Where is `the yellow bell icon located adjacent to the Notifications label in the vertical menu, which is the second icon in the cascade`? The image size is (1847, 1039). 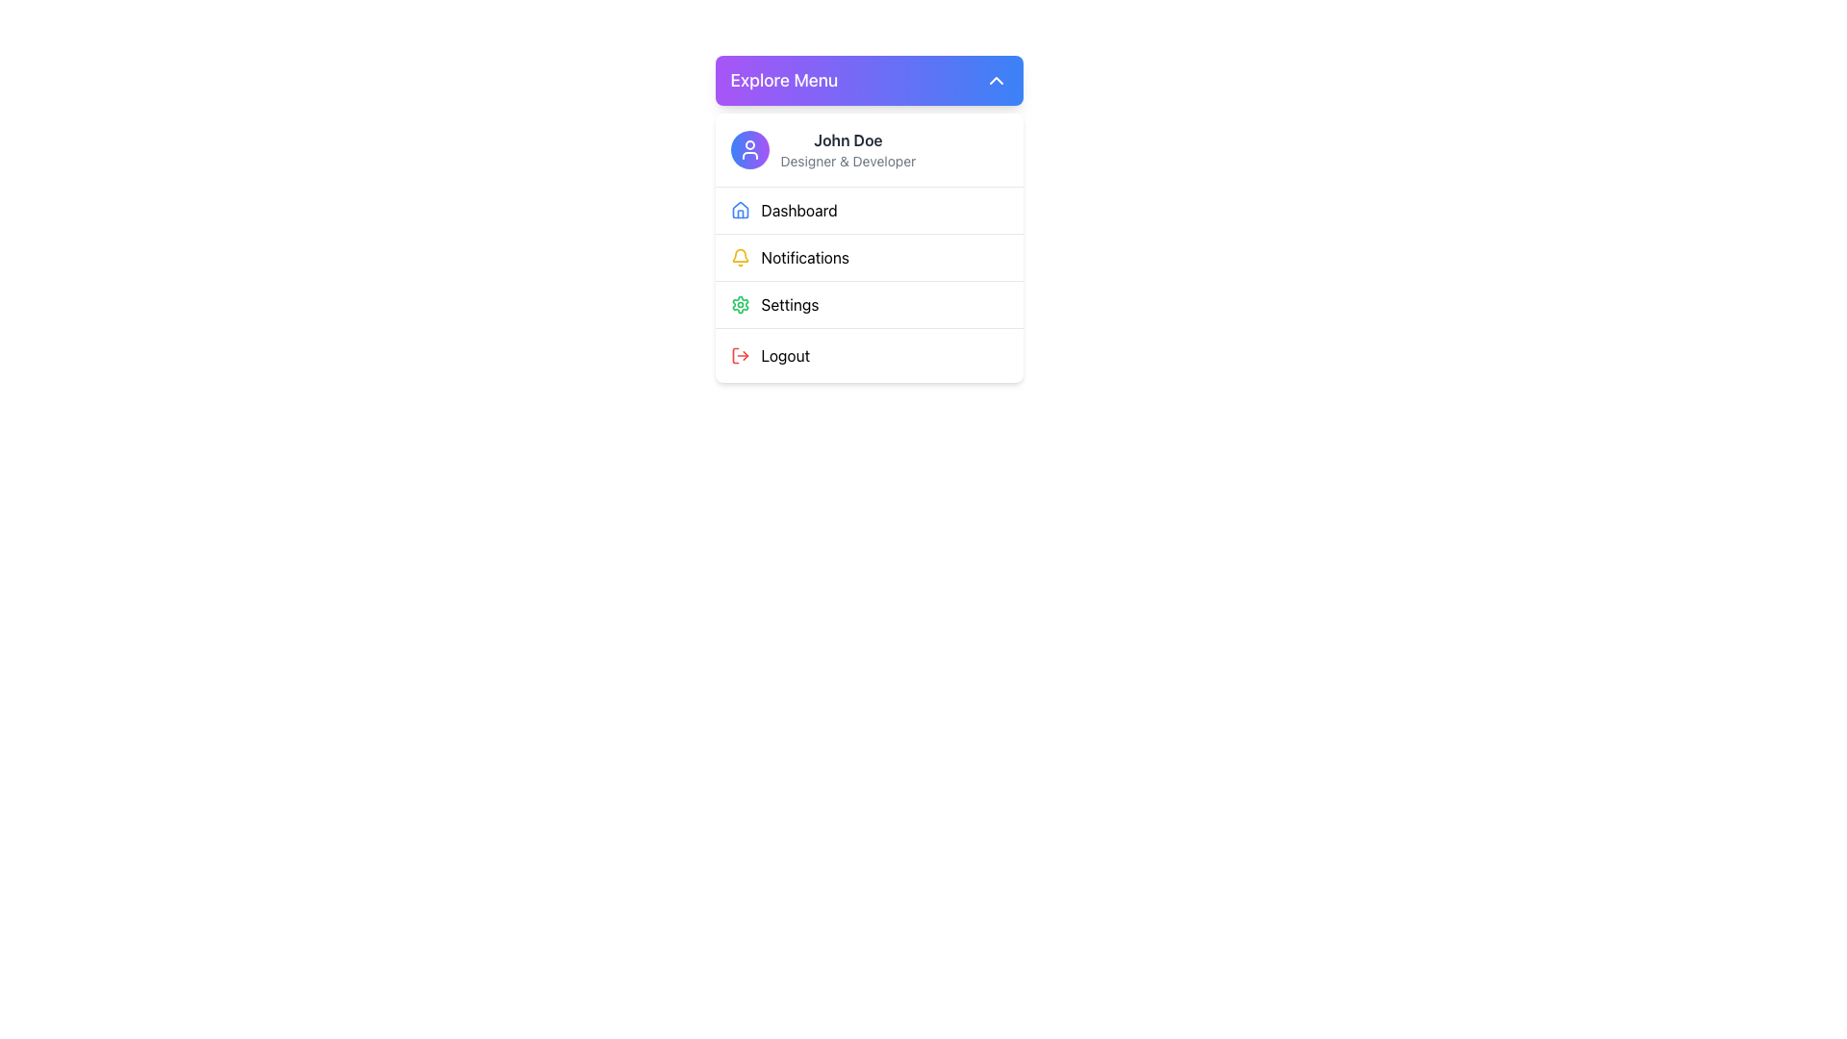 the yellow bell icon located adjacent to the Notifications label in the vertical menu, which is the second icon in the cascade is located at coordinates (739, 254).